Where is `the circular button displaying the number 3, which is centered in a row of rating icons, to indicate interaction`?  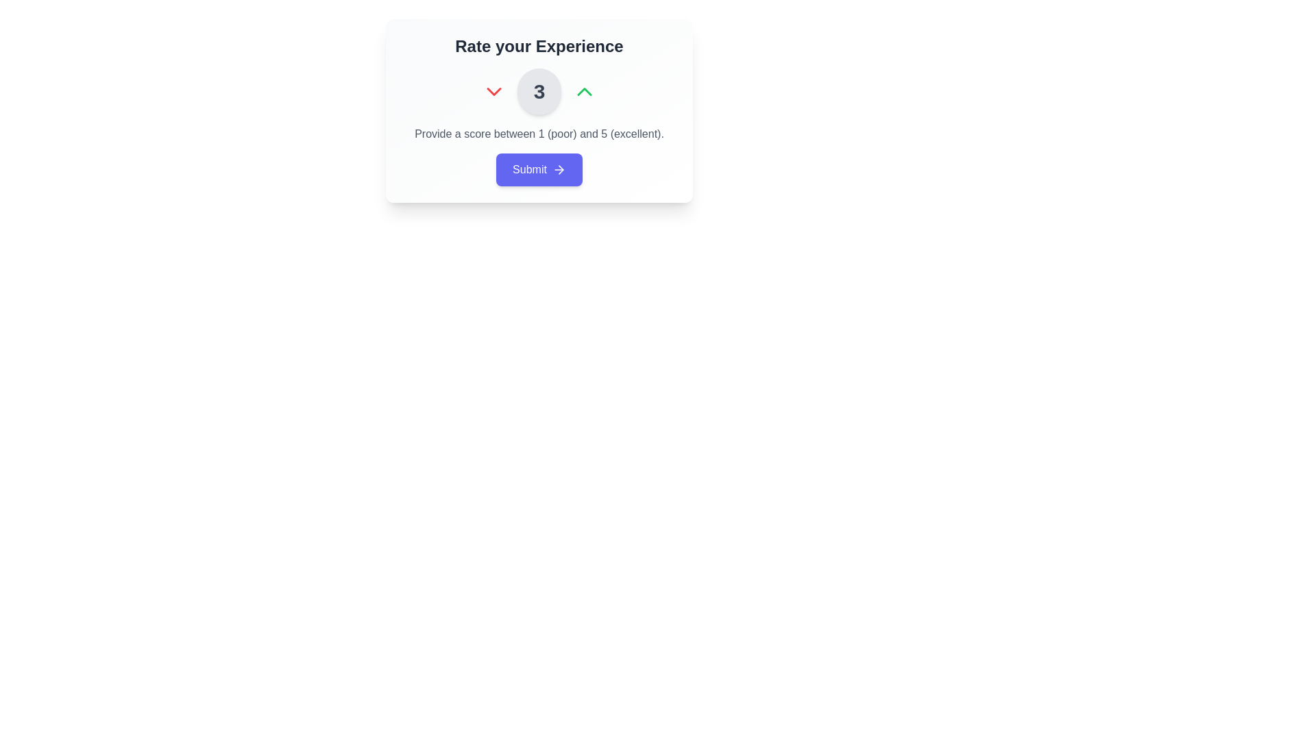
the circular button displaying the number 3, which is centered in a row of rating icons, to indicate interaction is located at coordinates (539, 92).